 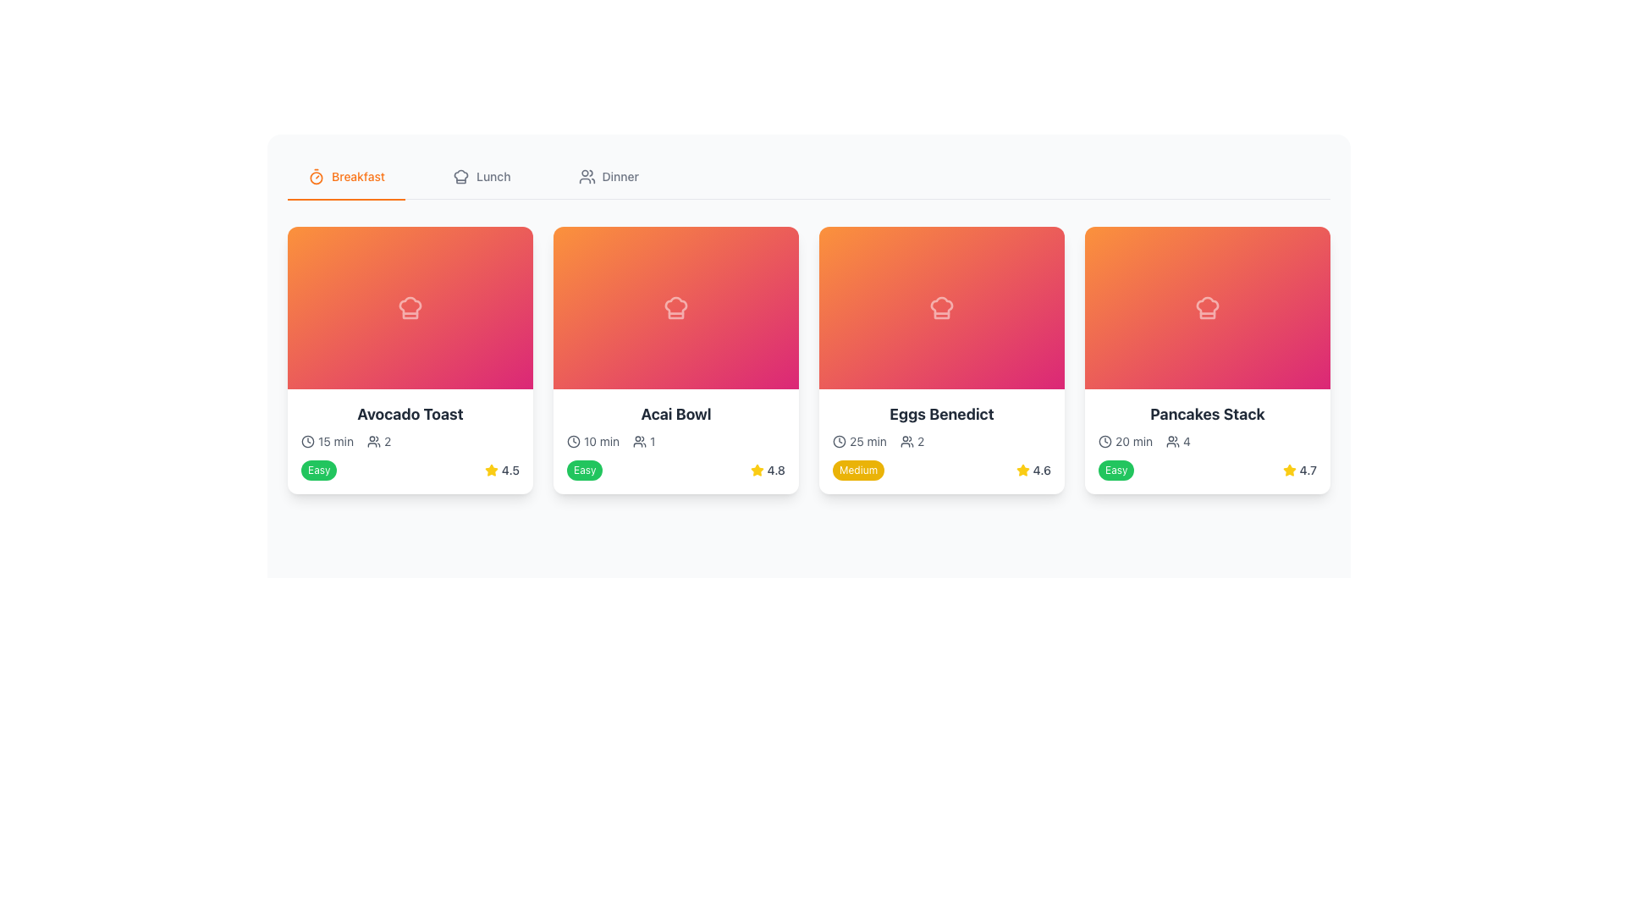 I want to click on the rating display for 'Eggs Benedict', which consists of a yellow star icon and the text '4.6' in gray font, located in the bottom-right area of the card, specifically to the right of the 'Medium' difficulty label, so click(x=1033, y=470).